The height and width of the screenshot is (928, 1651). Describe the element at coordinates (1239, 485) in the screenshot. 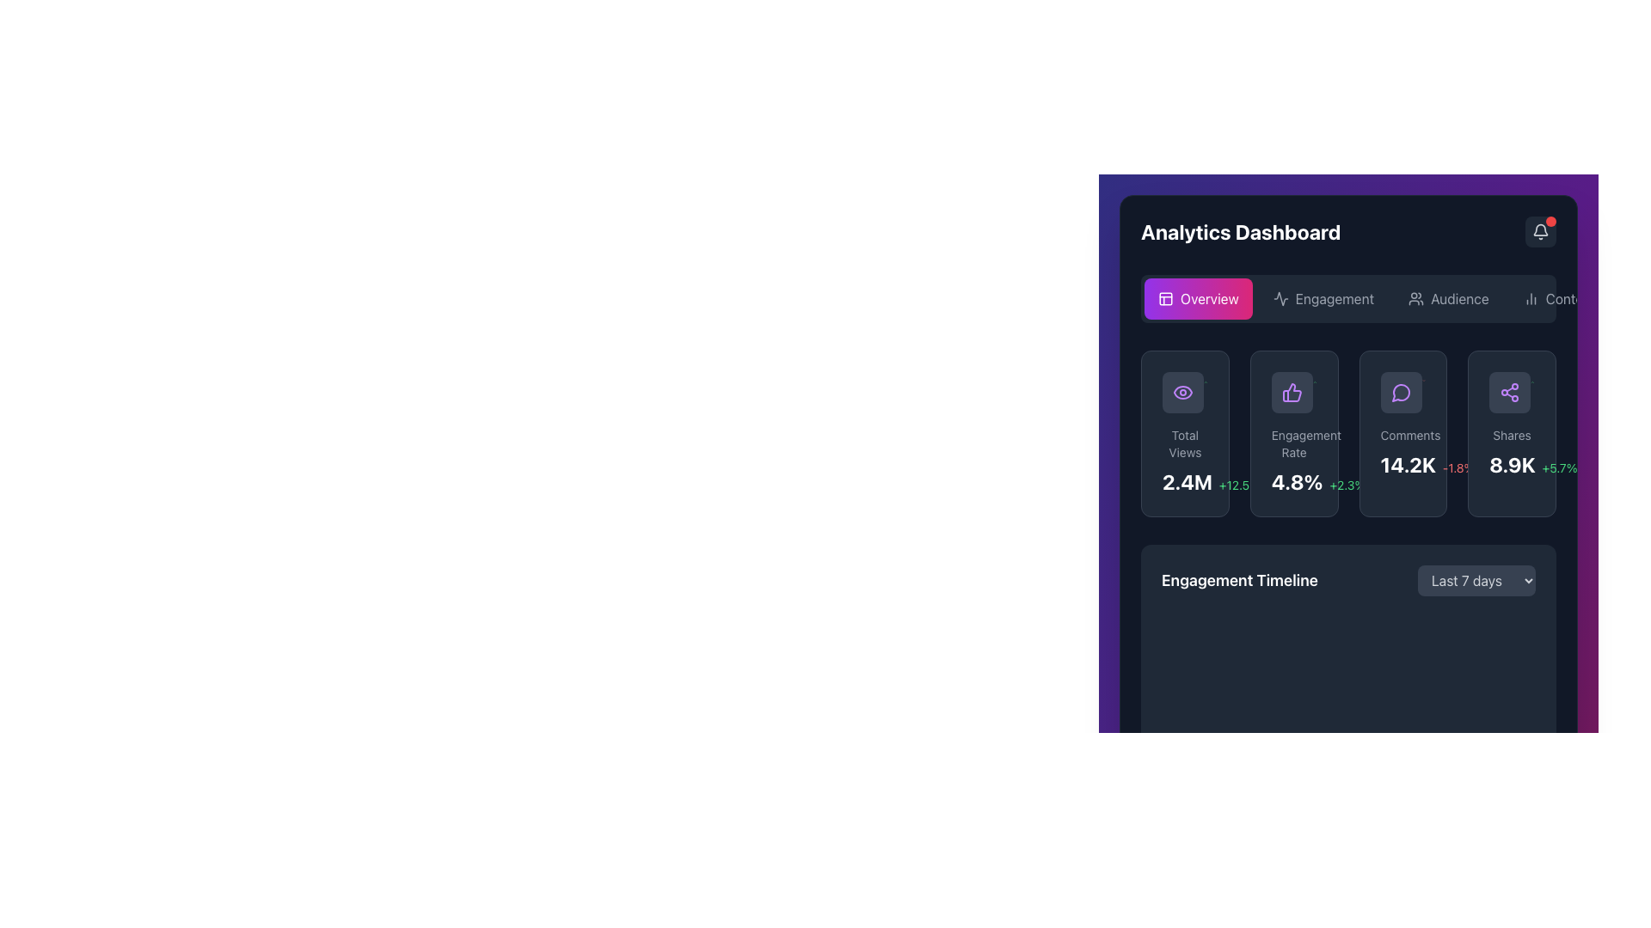

I see `the small text component displaying the value '+12.5%' with a green font color, which is positioned to the right of the larger numerical value '2.4M'` at that location.